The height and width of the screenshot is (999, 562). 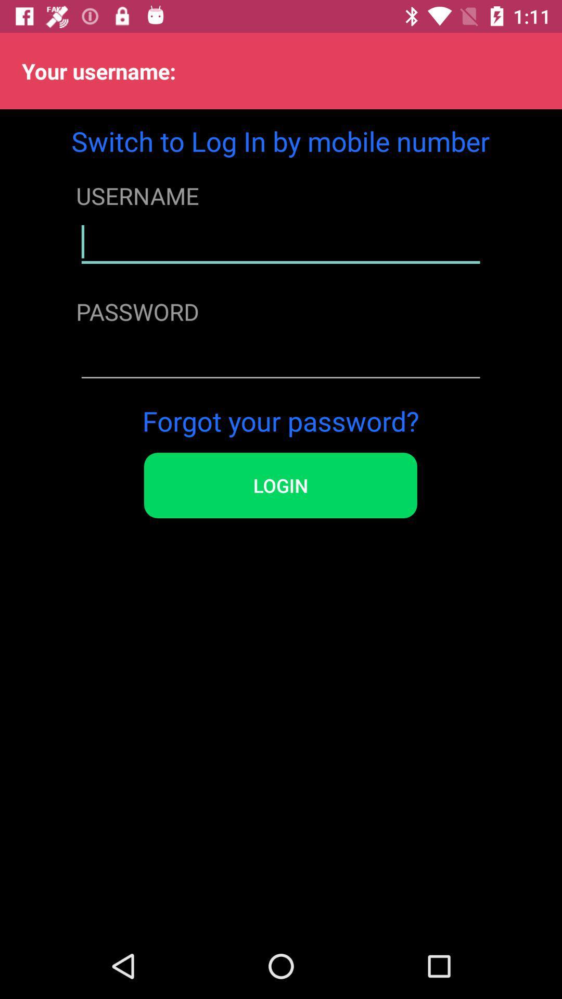 What do you see at coordinates (280, 484) in the screenshot?
I see `item below forgot your password? item` at bounding box center [280, 484].